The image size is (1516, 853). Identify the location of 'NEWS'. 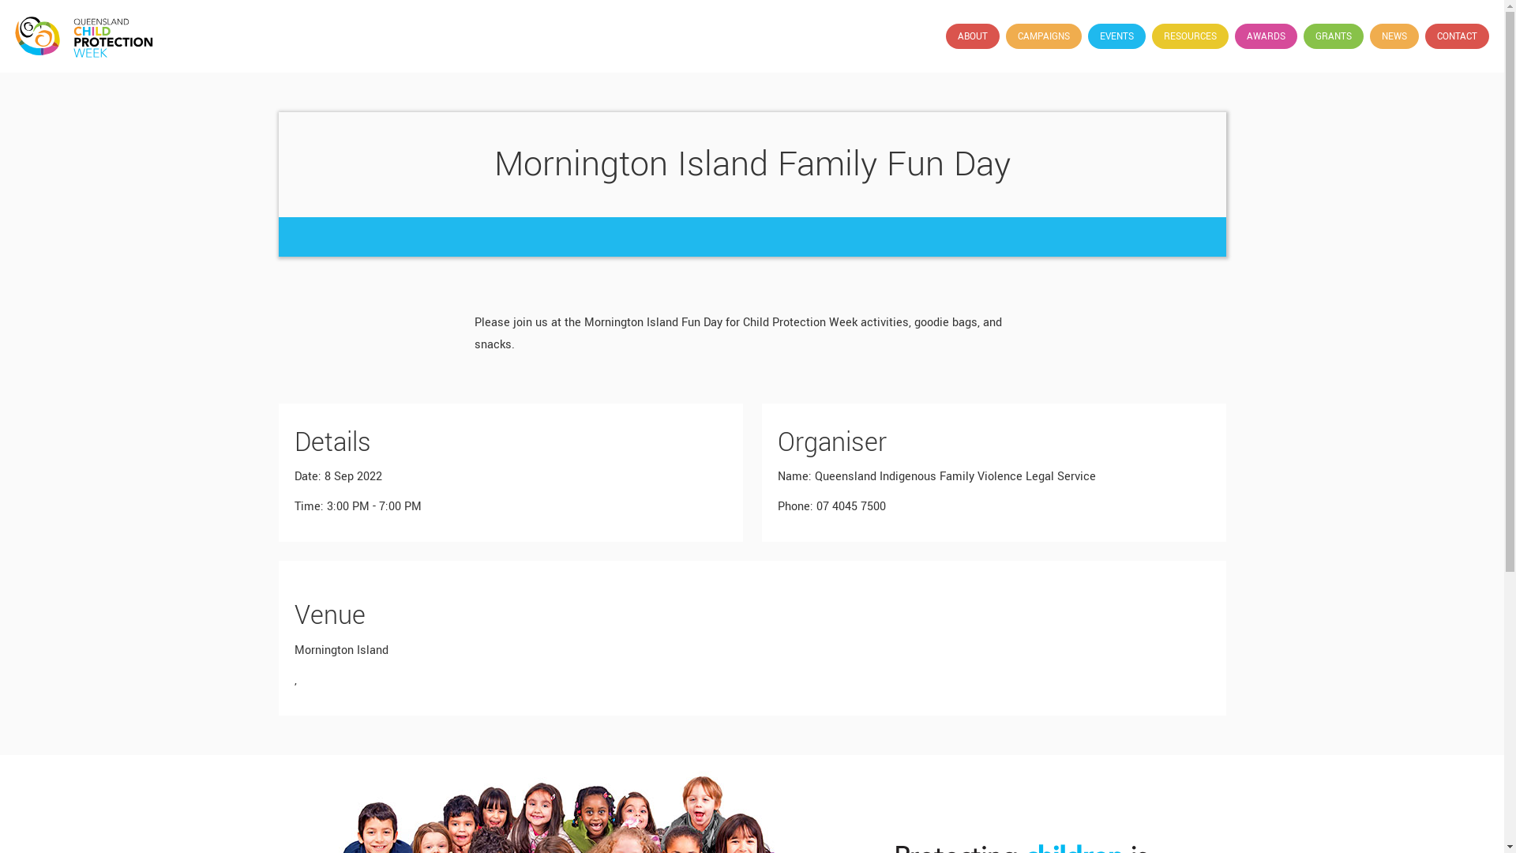
(1368, 36).